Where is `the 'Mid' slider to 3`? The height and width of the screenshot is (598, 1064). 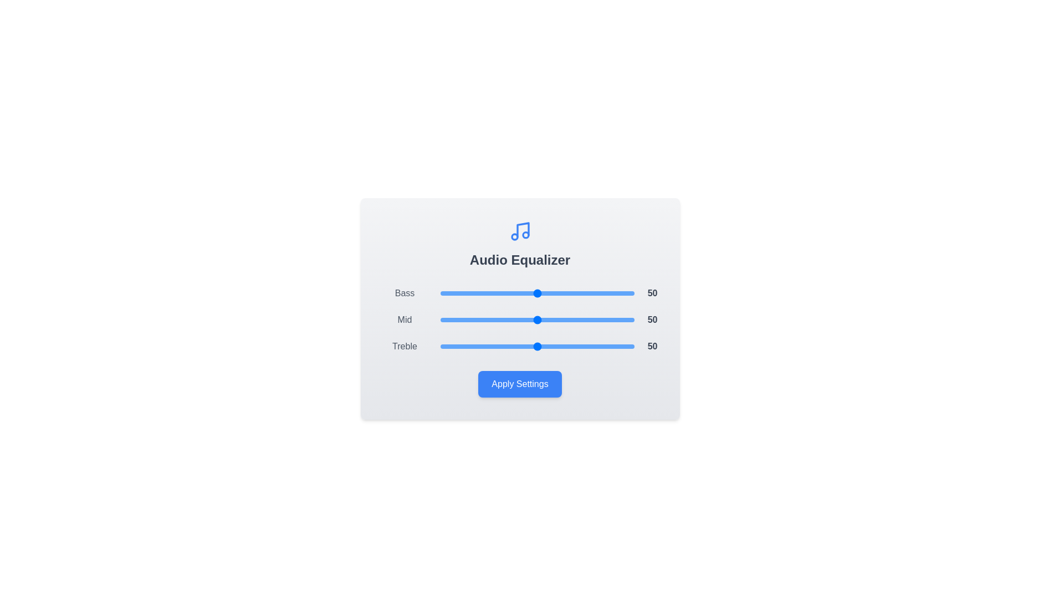
the 'Mid' slider to 3 is located at coordinates (446, 320).